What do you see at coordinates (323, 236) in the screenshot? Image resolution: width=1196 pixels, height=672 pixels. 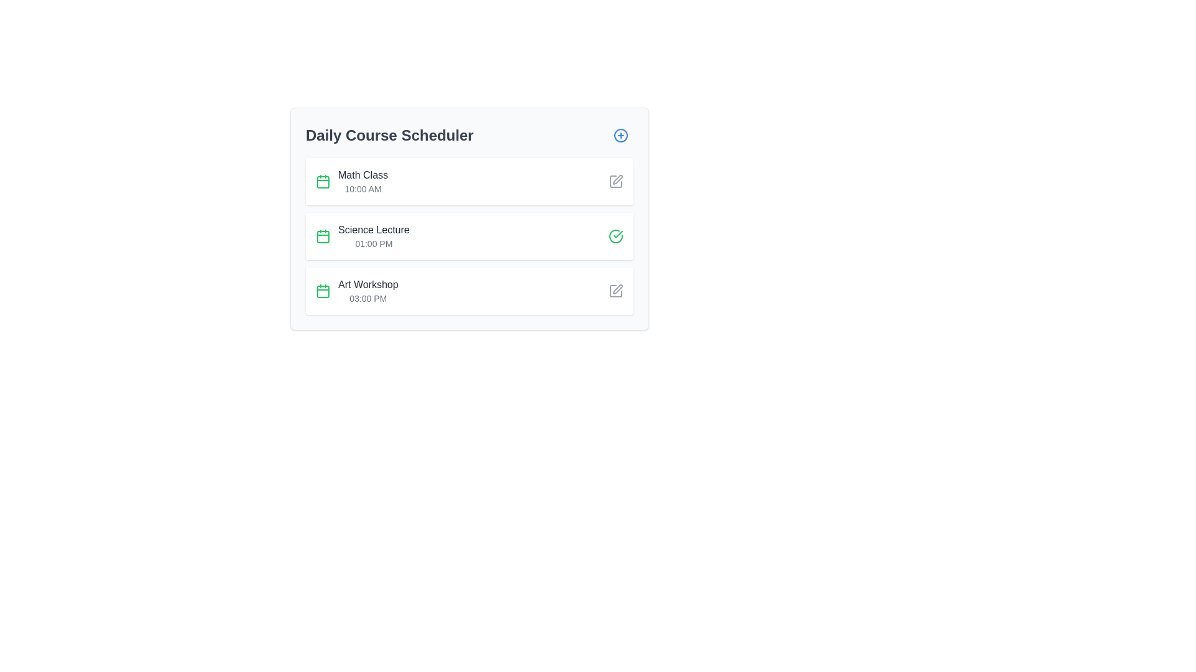 I see `the calendar icon representing the event 'Science Lecture', located at the leftmost part of the row displaying the event details` at bounding box center [323, 236].